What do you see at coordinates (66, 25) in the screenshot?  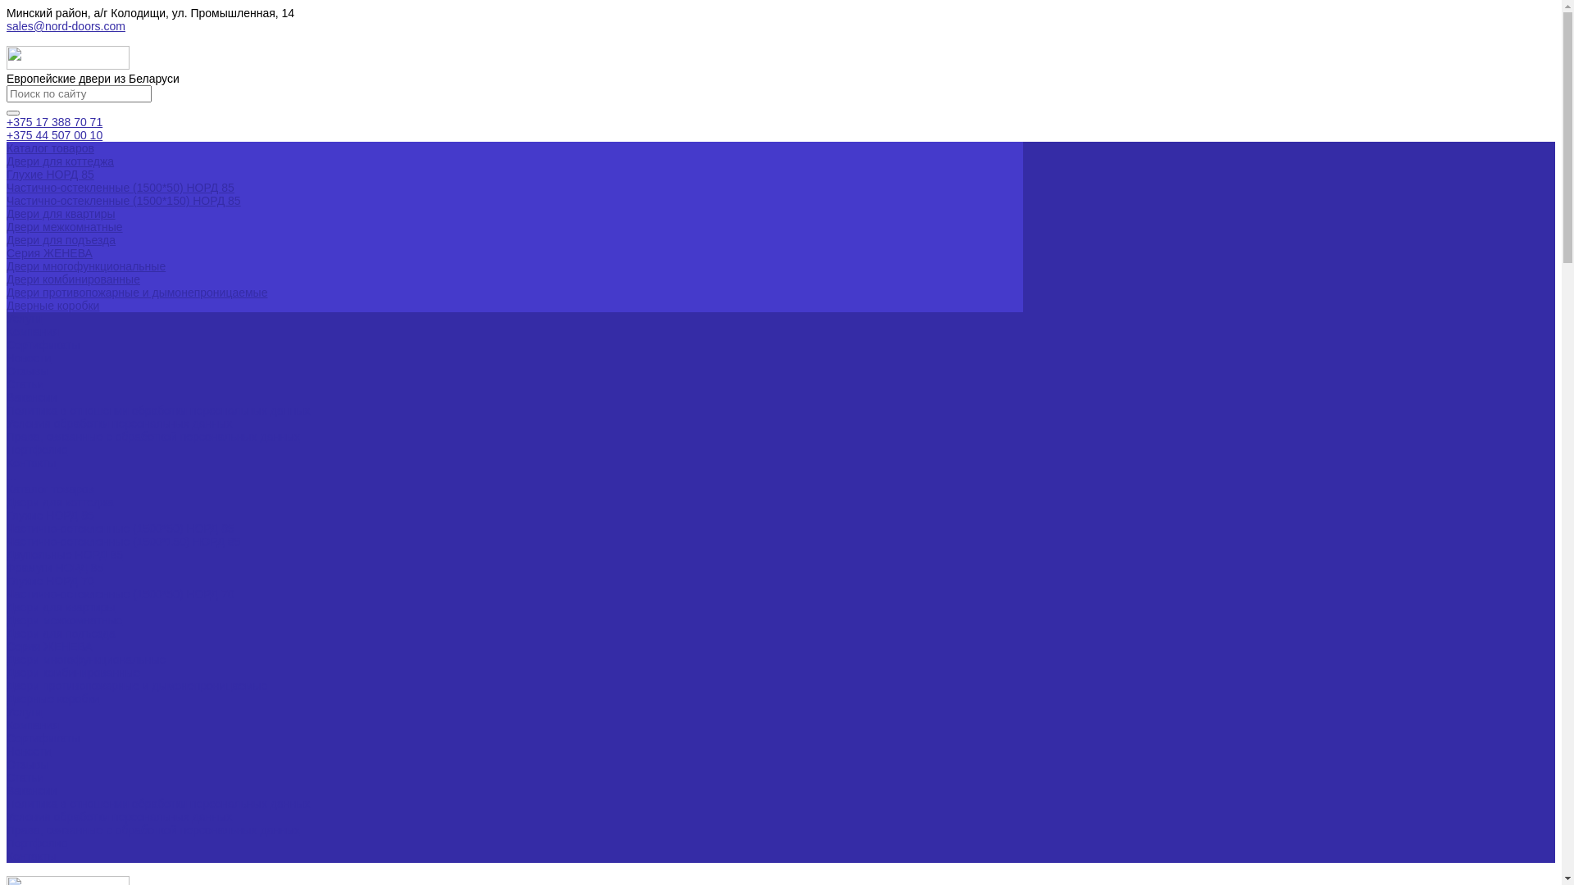 I see `'sales@nord-doors.com'` at bounding box center [66, 25].